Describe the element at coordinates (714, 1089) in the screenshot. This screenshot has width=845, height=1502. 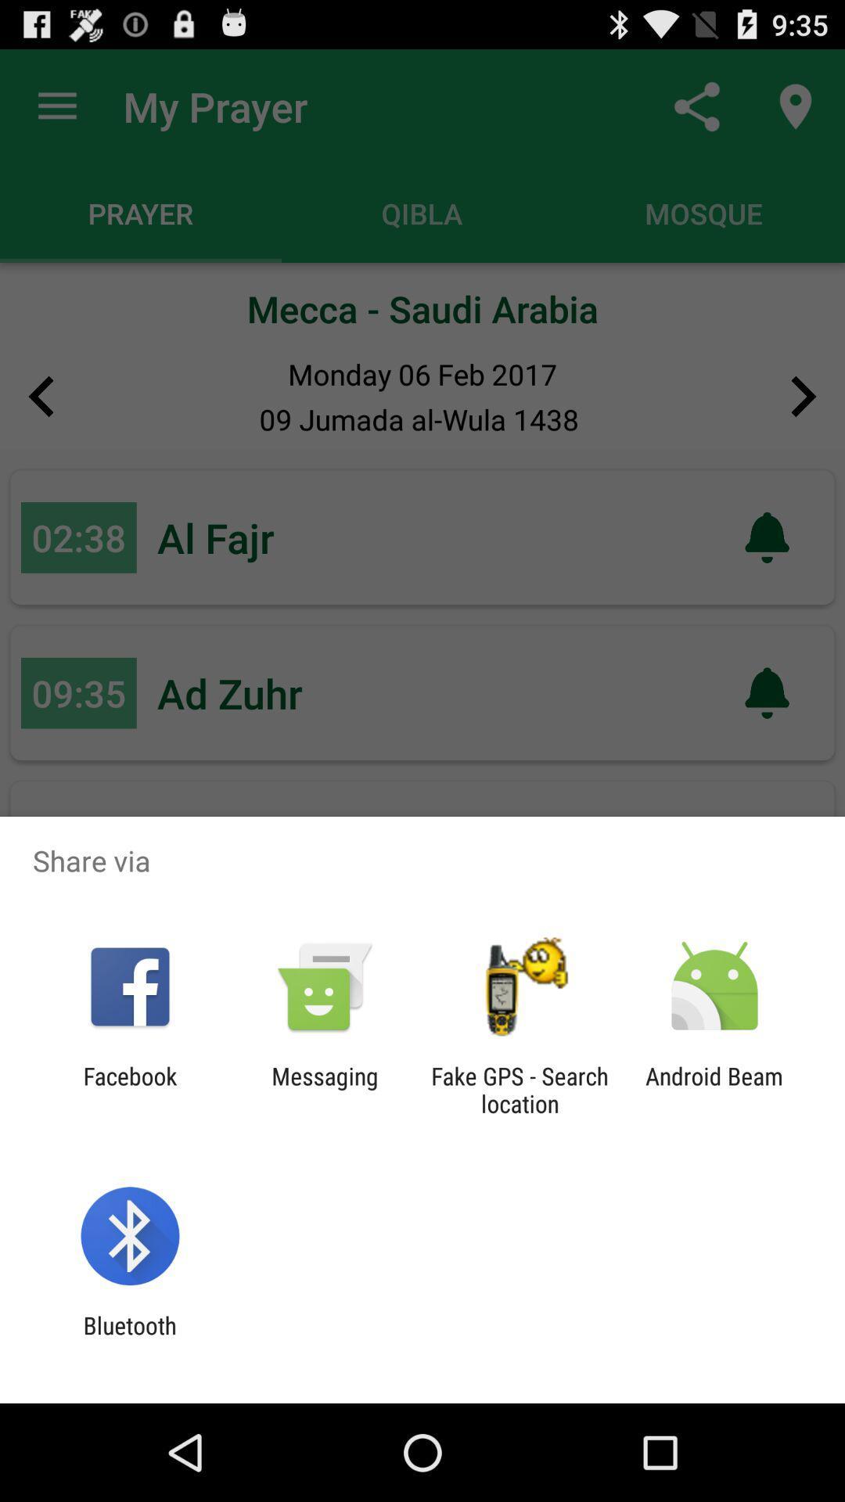
I see `the android beam at the bottom right corner` at that location.